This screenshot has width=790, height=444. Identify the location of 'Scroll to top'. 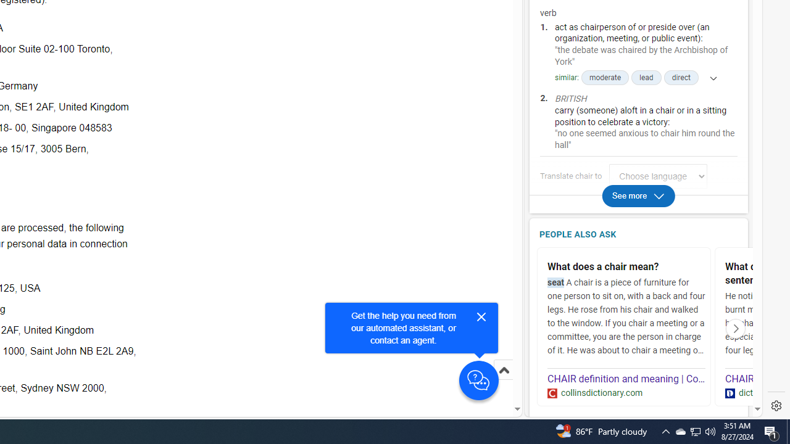
(504, 369).